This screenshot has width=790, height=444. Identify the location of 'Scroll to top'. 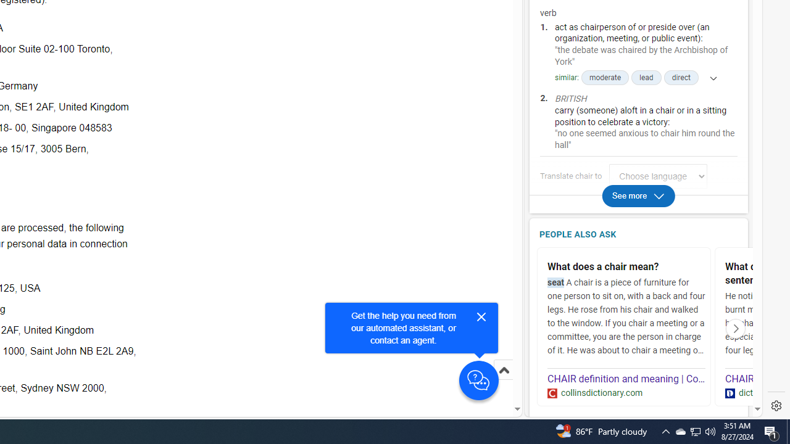
(504, 369).